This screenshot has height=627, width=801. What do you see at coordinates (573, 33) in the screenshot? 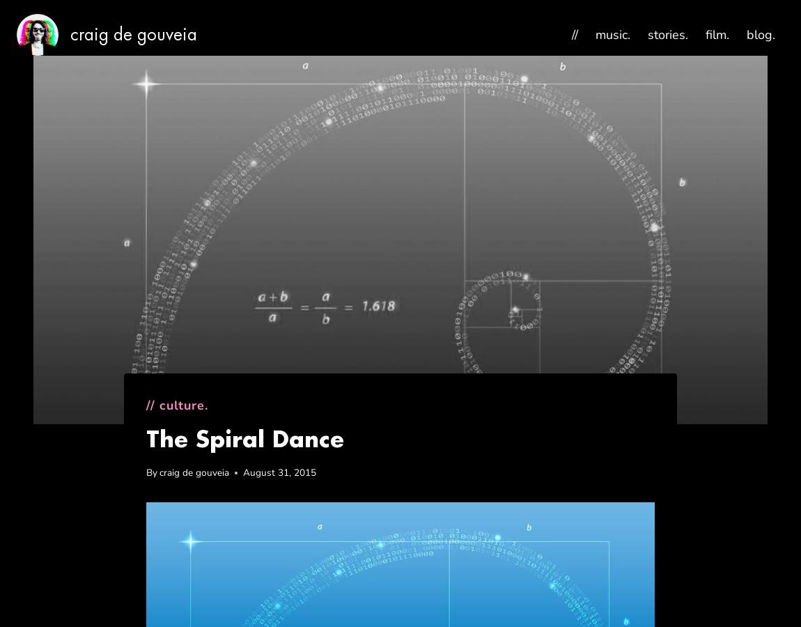
I see `'//'` at bounding box center [573, 33].